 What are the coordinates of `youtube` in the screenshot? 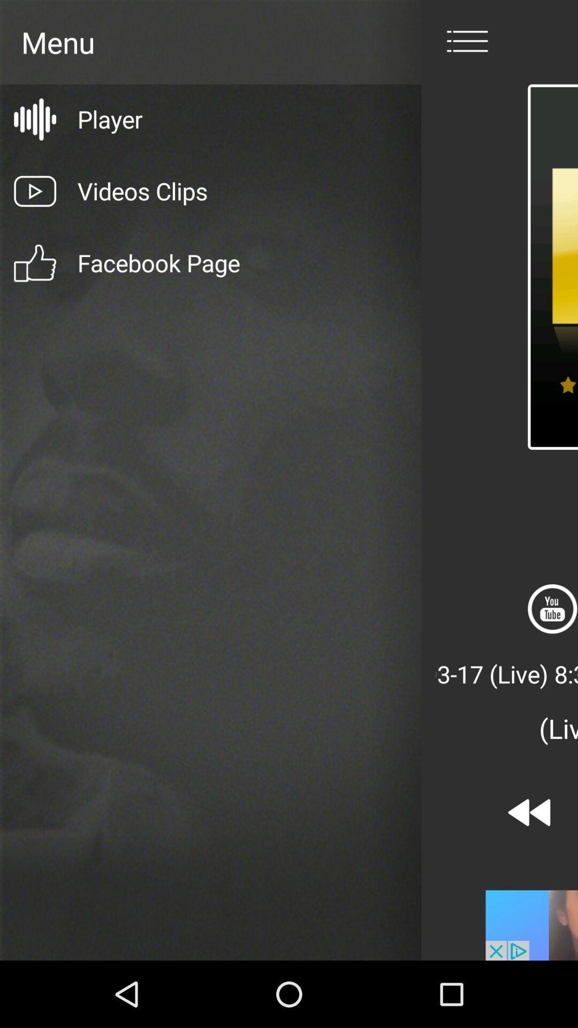 It's located at (552, 609).